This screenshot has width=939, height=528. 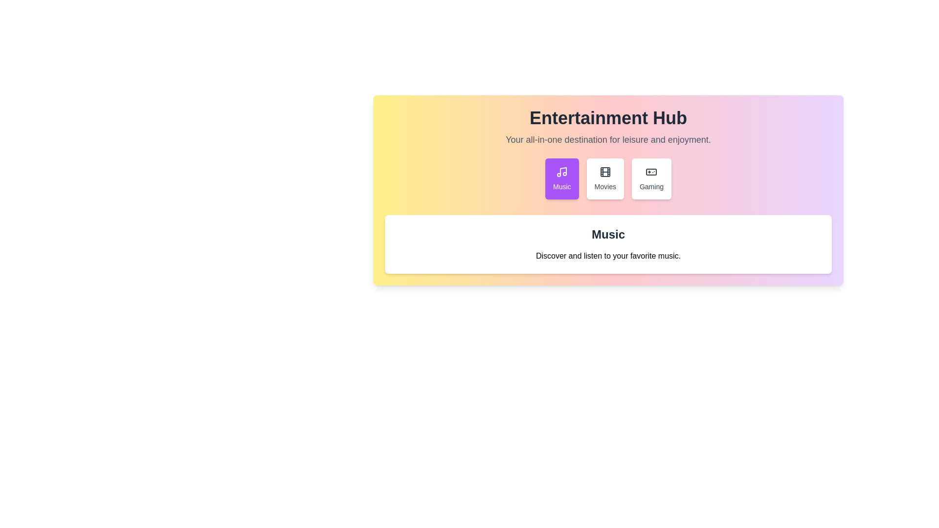 I want to click on the central button located below the 'Entertainment Hub' title, so click(x=607, y=179).